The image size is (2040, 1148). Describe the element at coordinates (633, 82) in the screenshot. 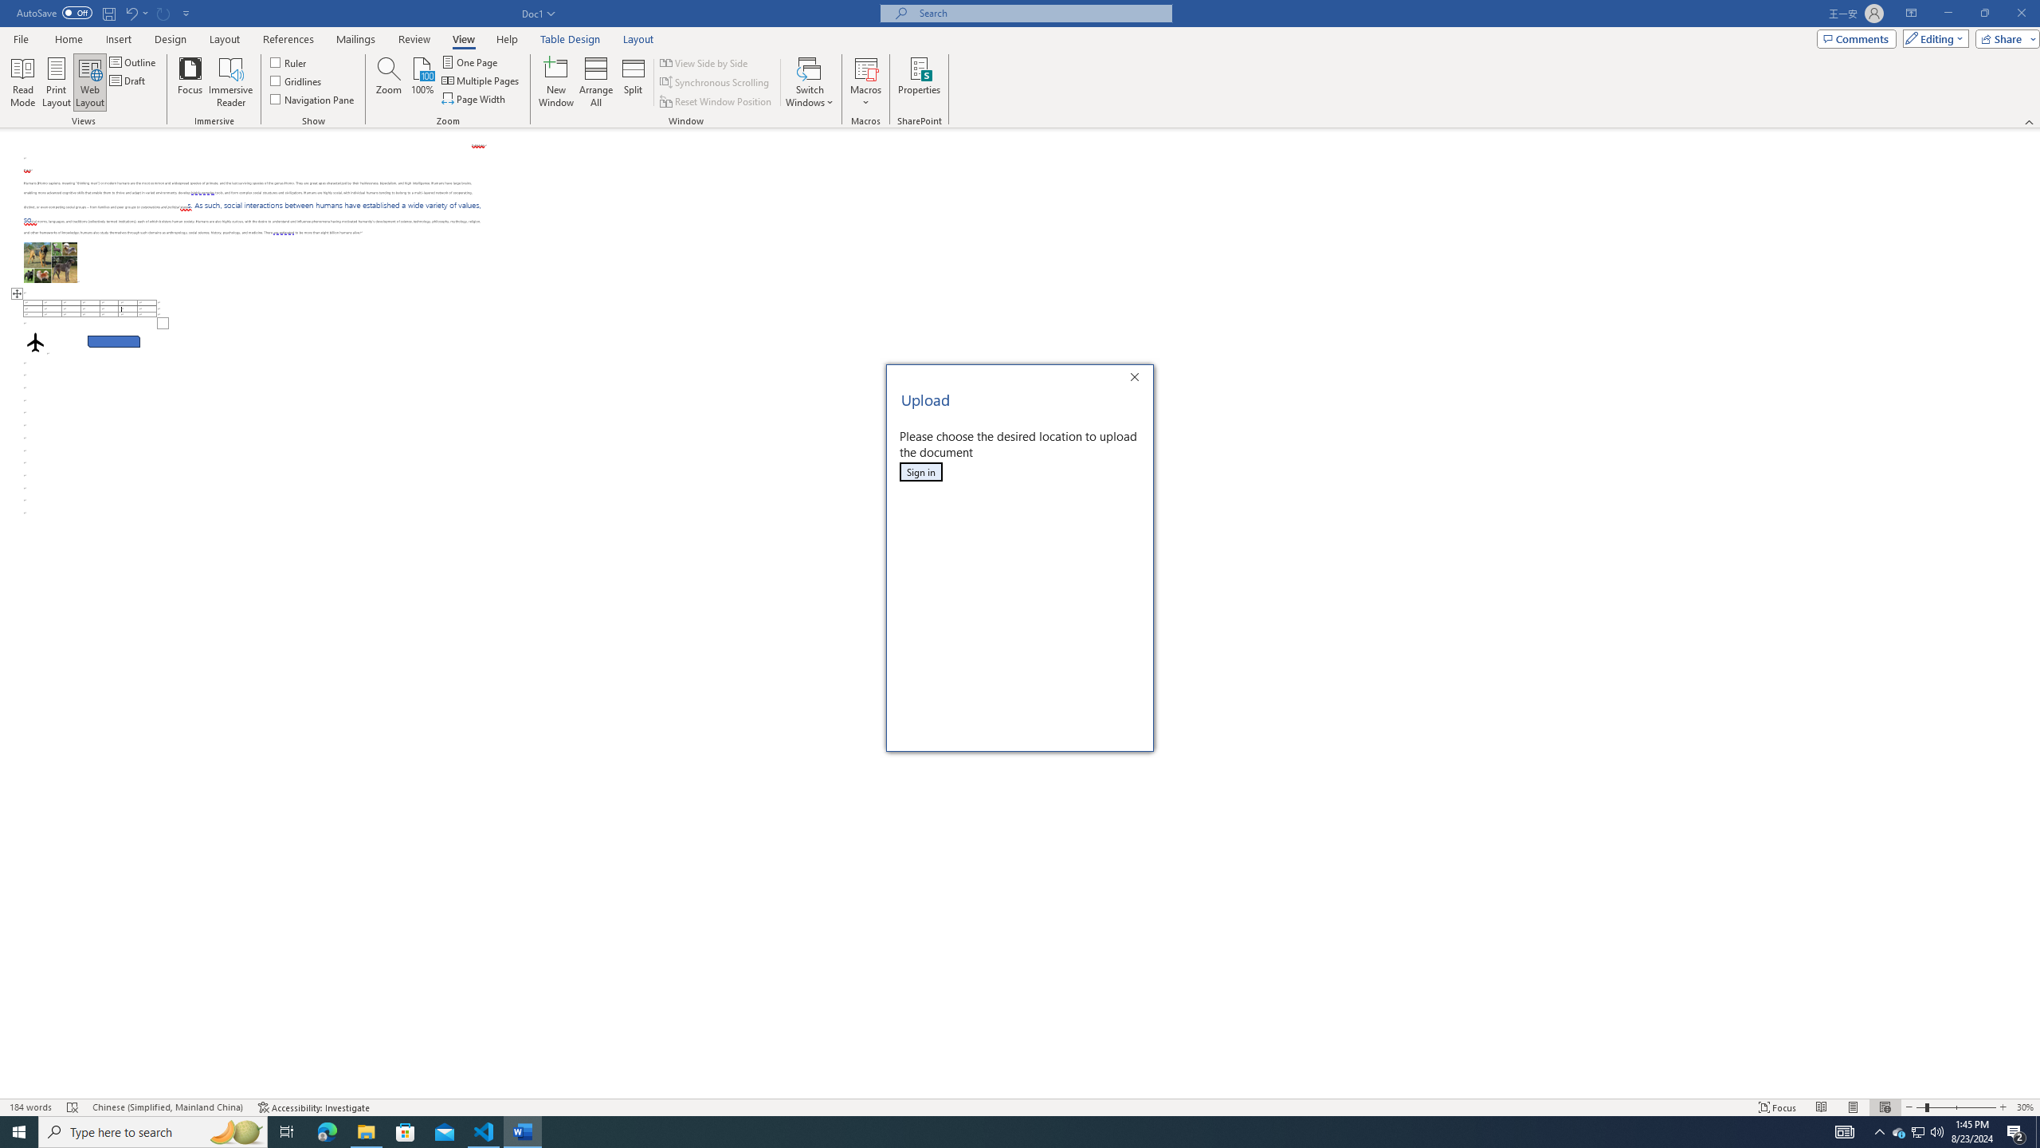

I see `'Split'` at that location.